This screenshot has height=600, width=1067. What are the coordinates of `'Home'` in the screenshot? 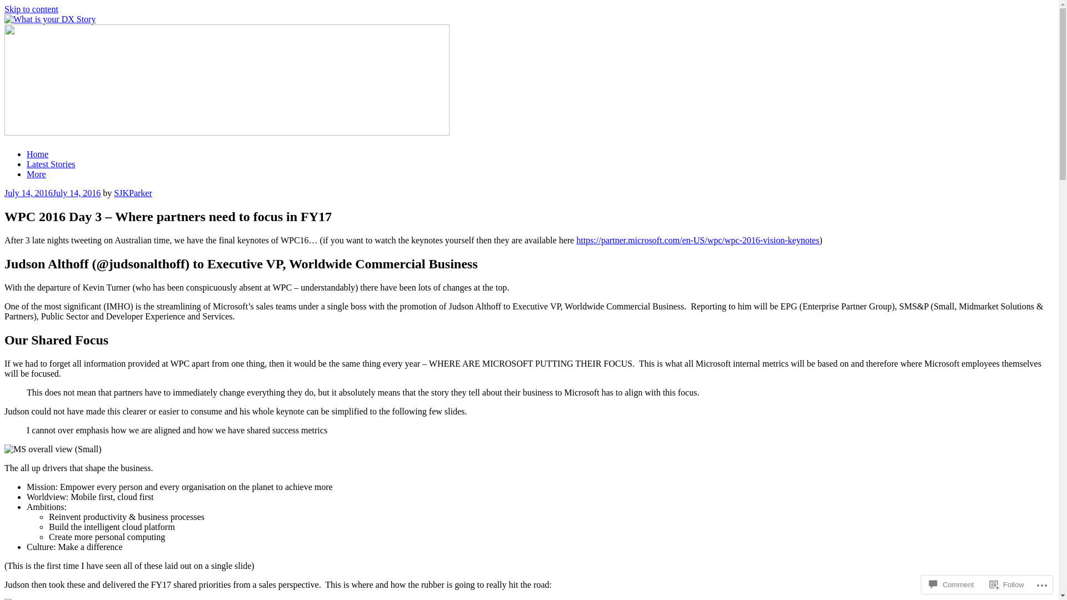 It's located at (37, 154).